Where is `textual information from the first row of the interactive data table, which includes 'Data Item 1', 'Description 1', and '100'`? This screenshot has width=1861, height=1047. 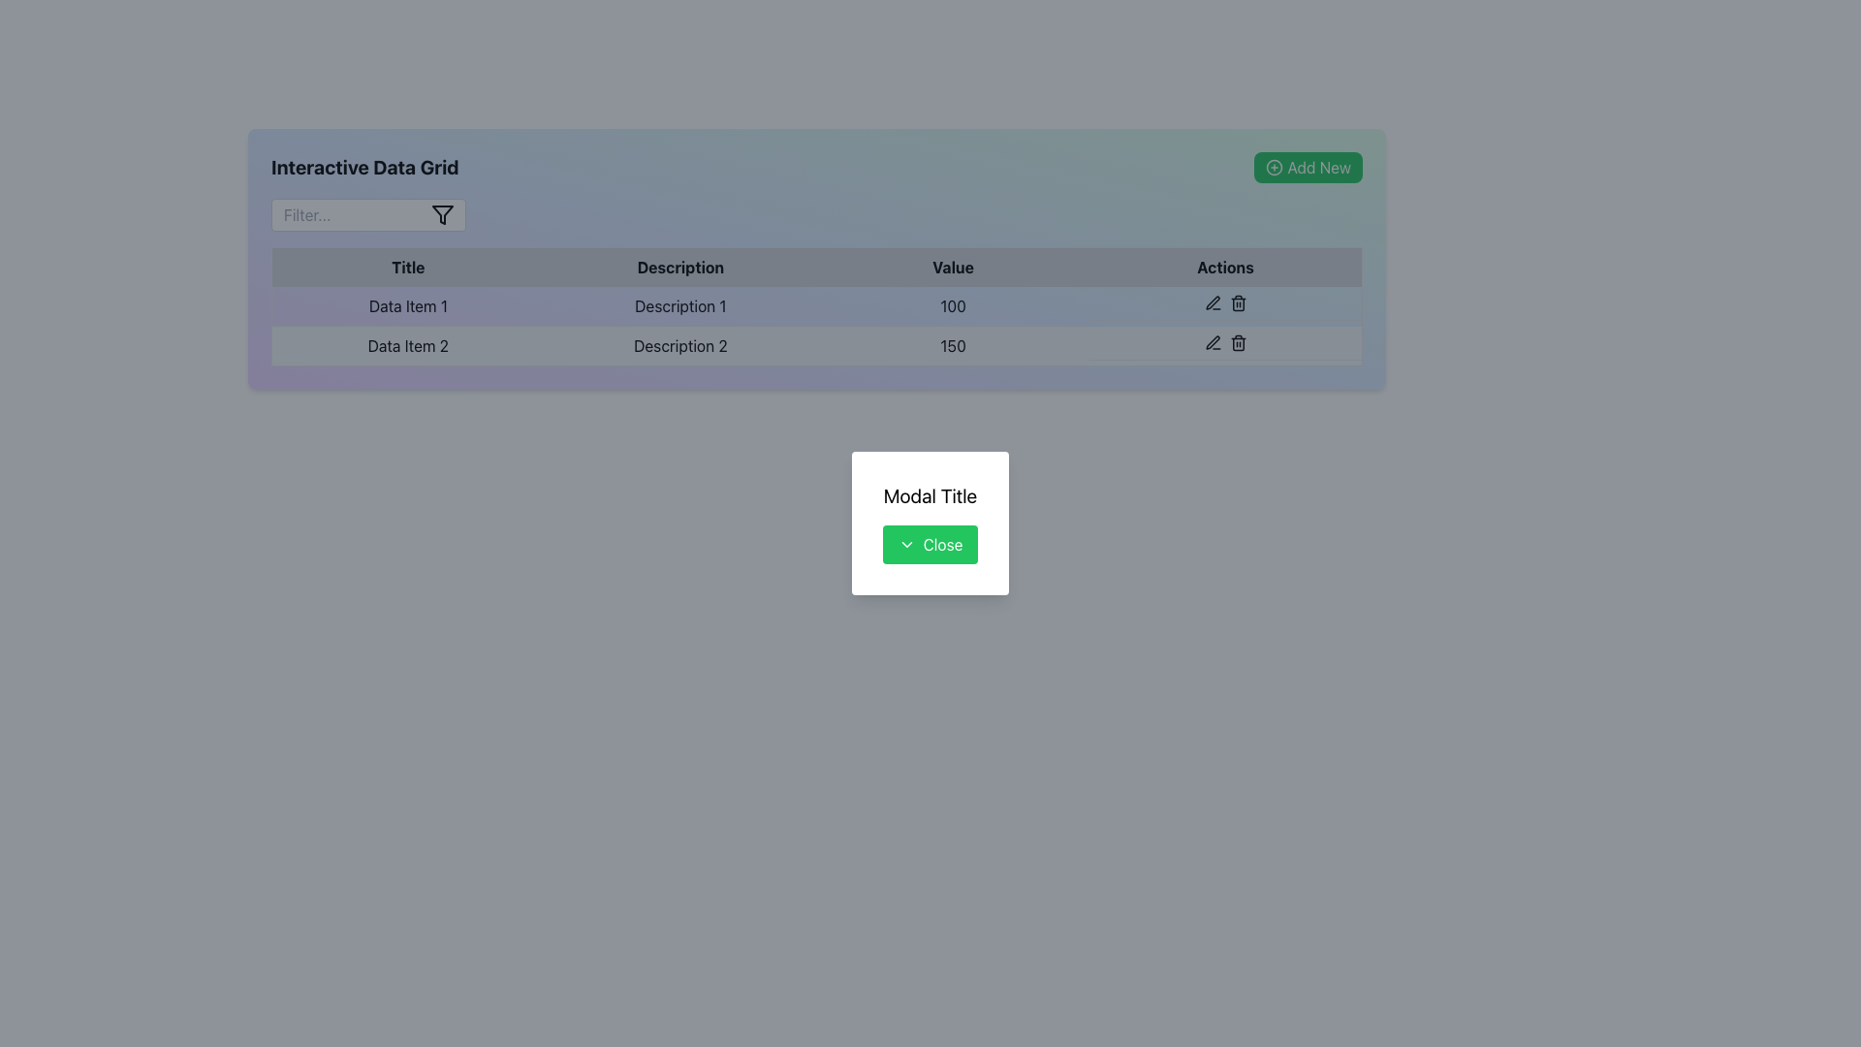 textual information from the first row of the interactive data table, which includes 'Data Item 1', 'Description 1', and '100' is located at coordinates (817, 305).